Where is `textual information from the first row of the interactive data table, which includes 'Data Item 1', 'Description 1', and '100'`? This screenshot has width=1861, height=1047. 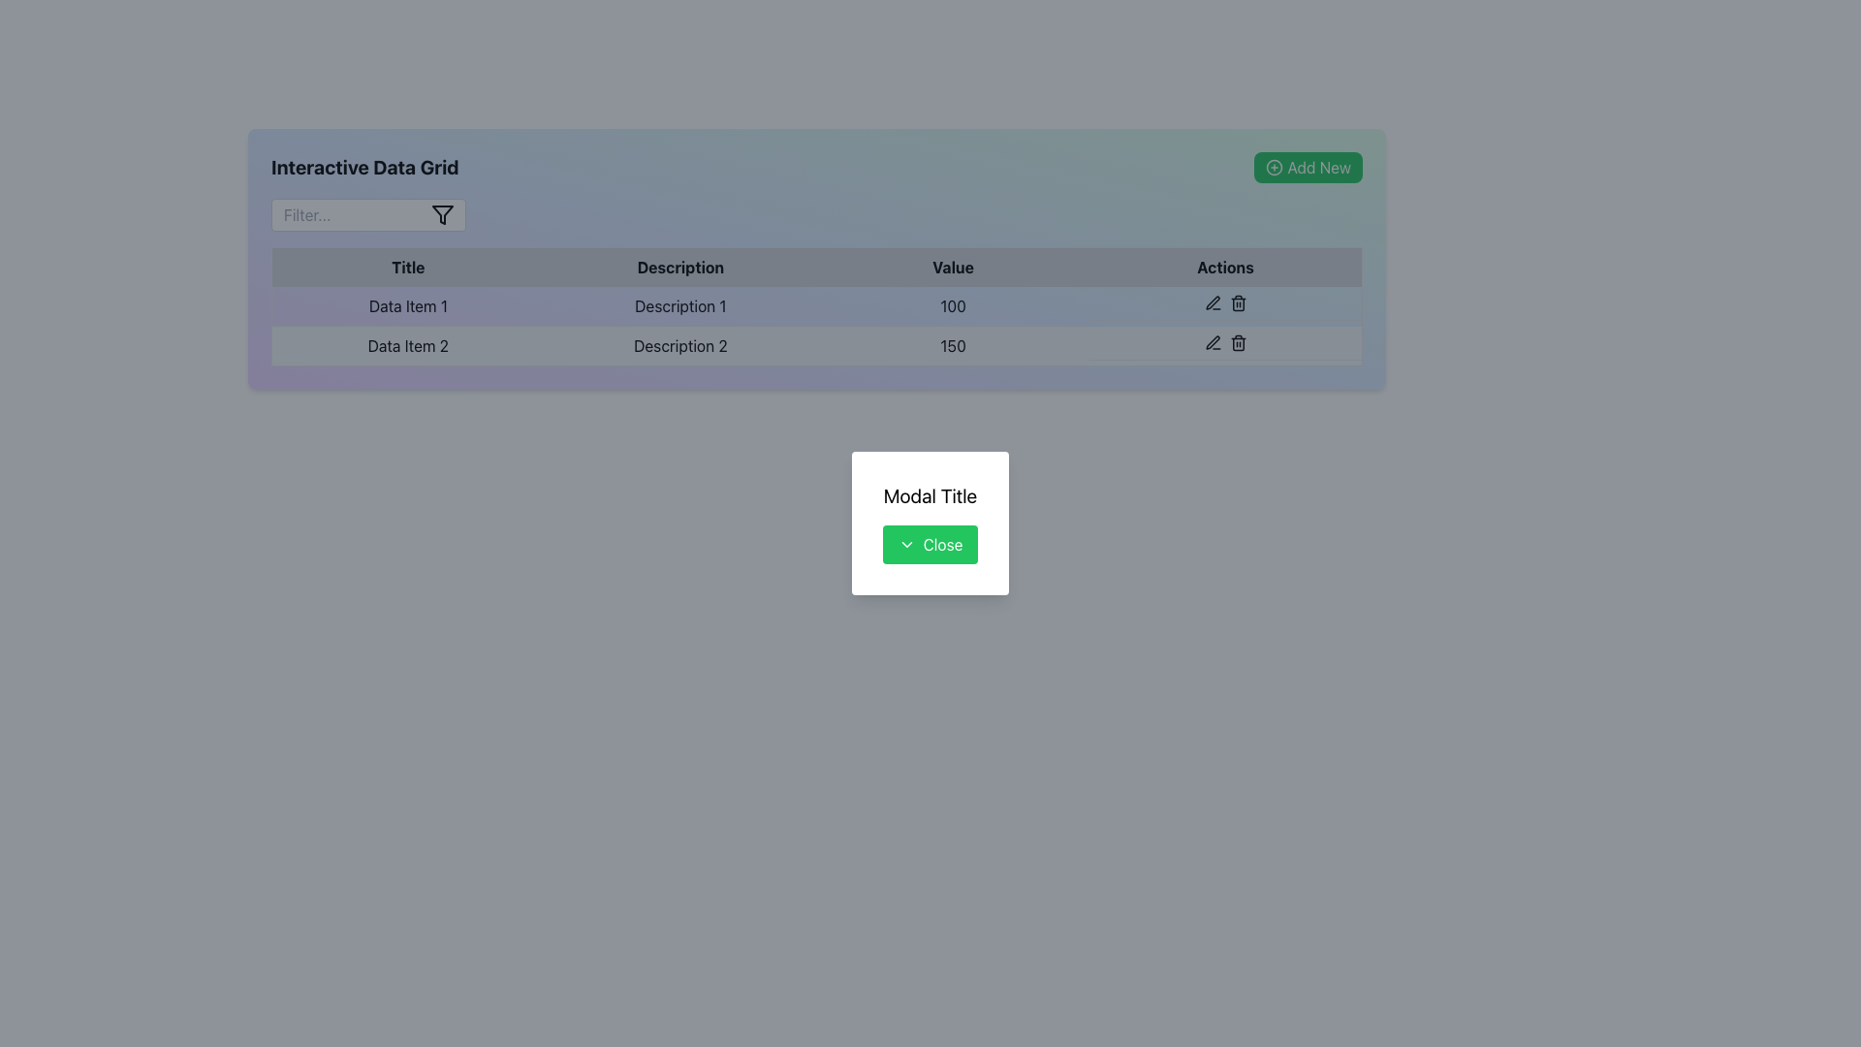 textual information from the first row of the interactive data table, which includes 'Data Item 1', 'Description 1', and '100' is located at coordinates (817, 305).